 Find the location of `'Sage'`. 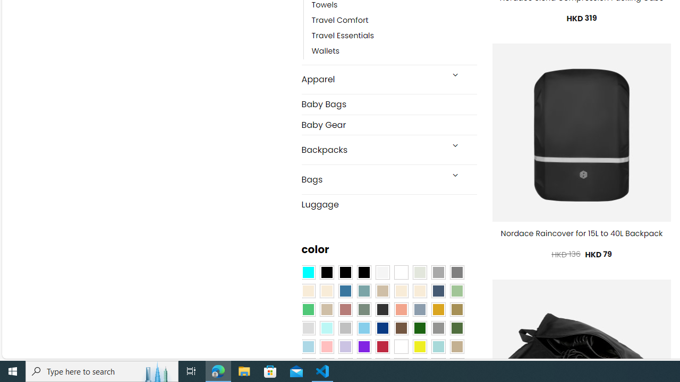

'Sage' is located at coordinates (363, 309).